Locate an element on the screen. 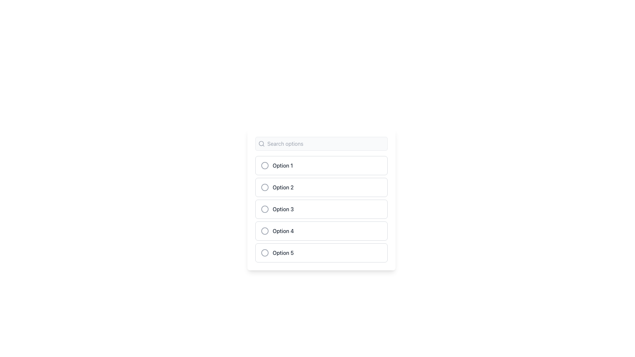 This screenshot has height=357, width=635. the first selectable list item located below the search bar for navigation is located at coordinates (321, 165).